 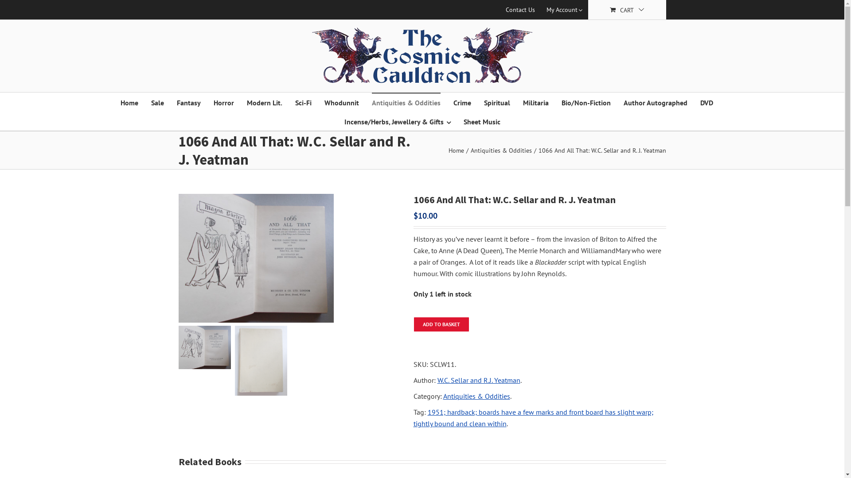 What do you see at coordinates (397, 121) in the screenshot?
I see `'Incense/Herbs, Jewellery & Gifts'` at bounding box center [397, 121].